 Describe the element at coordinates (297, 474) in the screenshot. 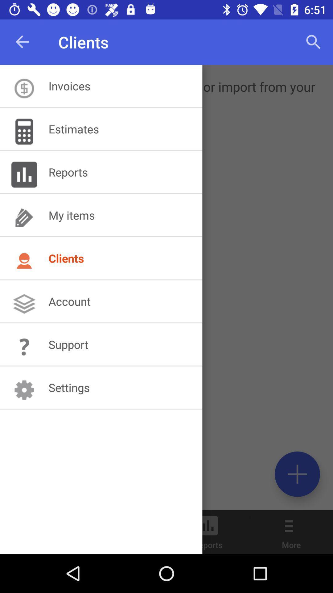

I see `the add icon` at that location.